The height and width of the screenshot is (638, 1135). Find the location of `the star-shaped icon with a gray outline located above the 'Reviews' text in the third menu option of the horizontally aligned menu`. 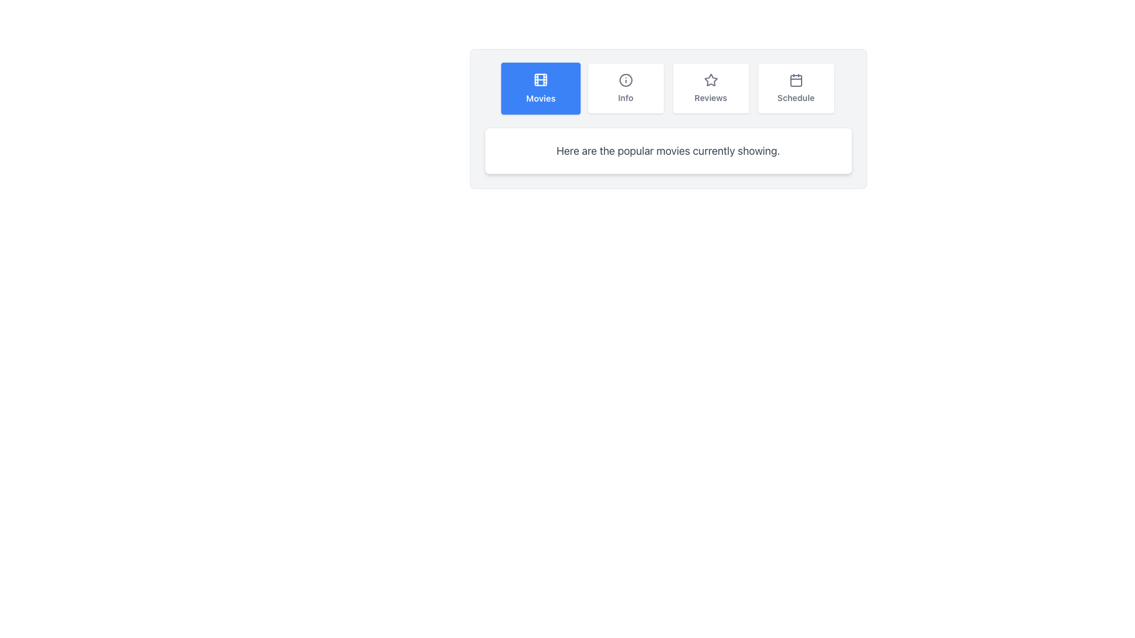

the star-shaped icon with a gray outline located above the 'Reviews' text in the third menu option of the horizontally aligned menu is located at coordinates (710, 80).